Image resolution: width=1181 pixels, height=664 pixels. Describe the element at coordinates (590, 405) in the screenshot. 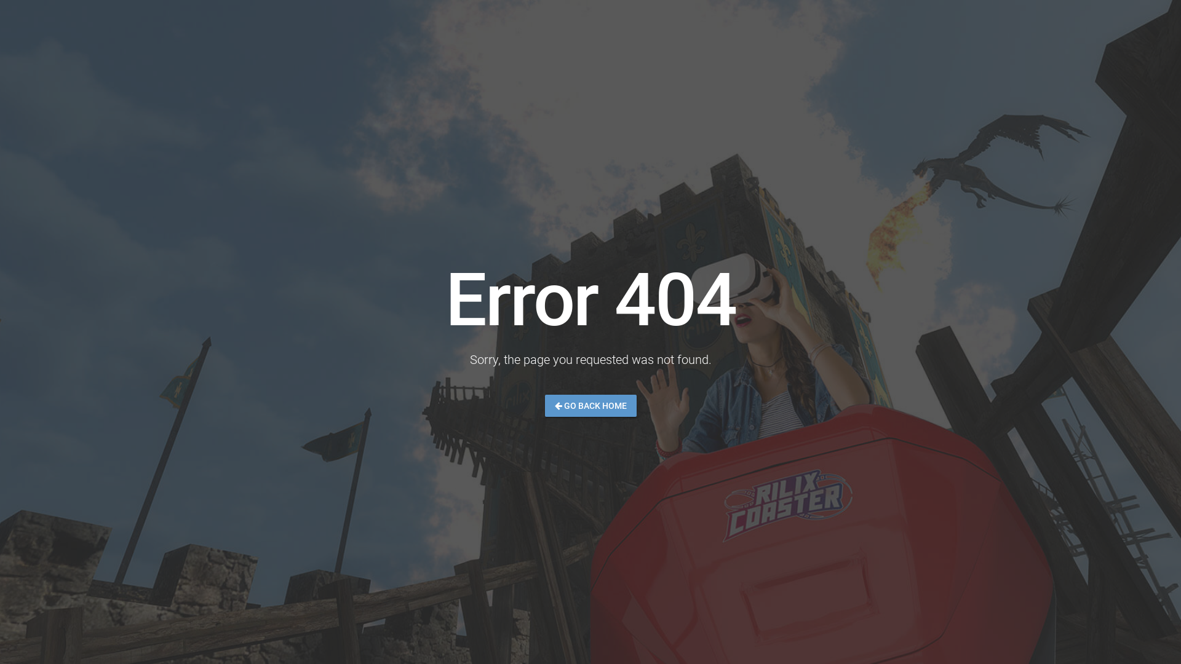

I see `'GO BACK HOME'` at that location.